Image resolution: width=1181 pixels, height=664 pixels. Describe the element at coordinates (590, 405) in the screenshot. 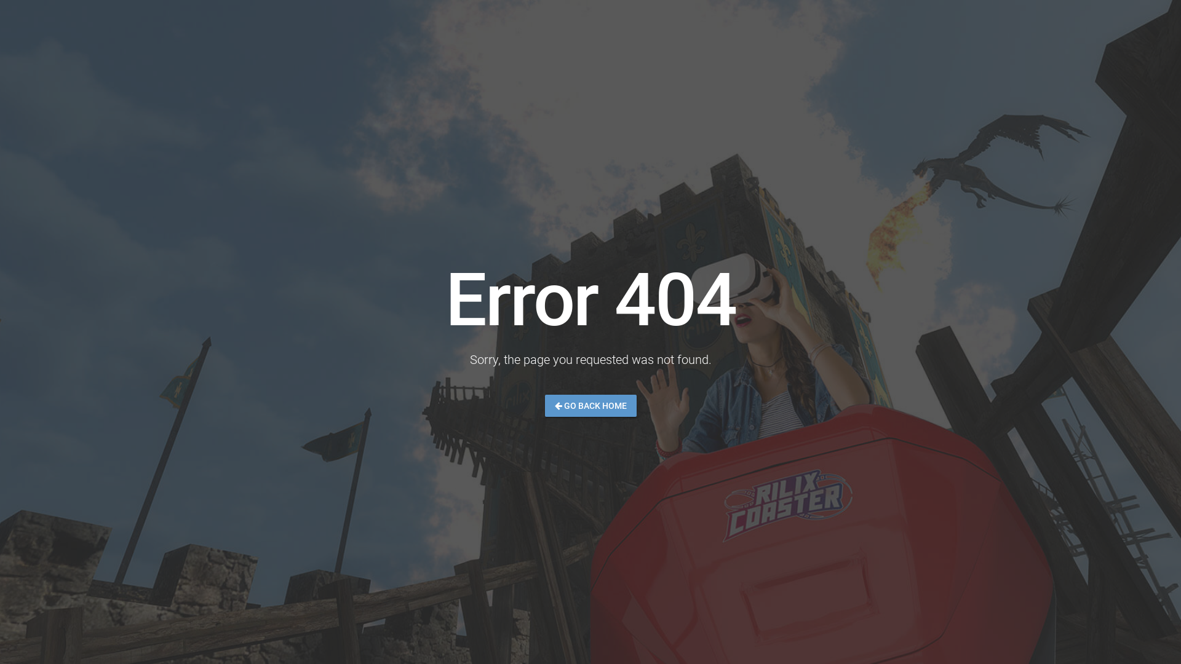

I see `'GO BACK HOME'` at that location.